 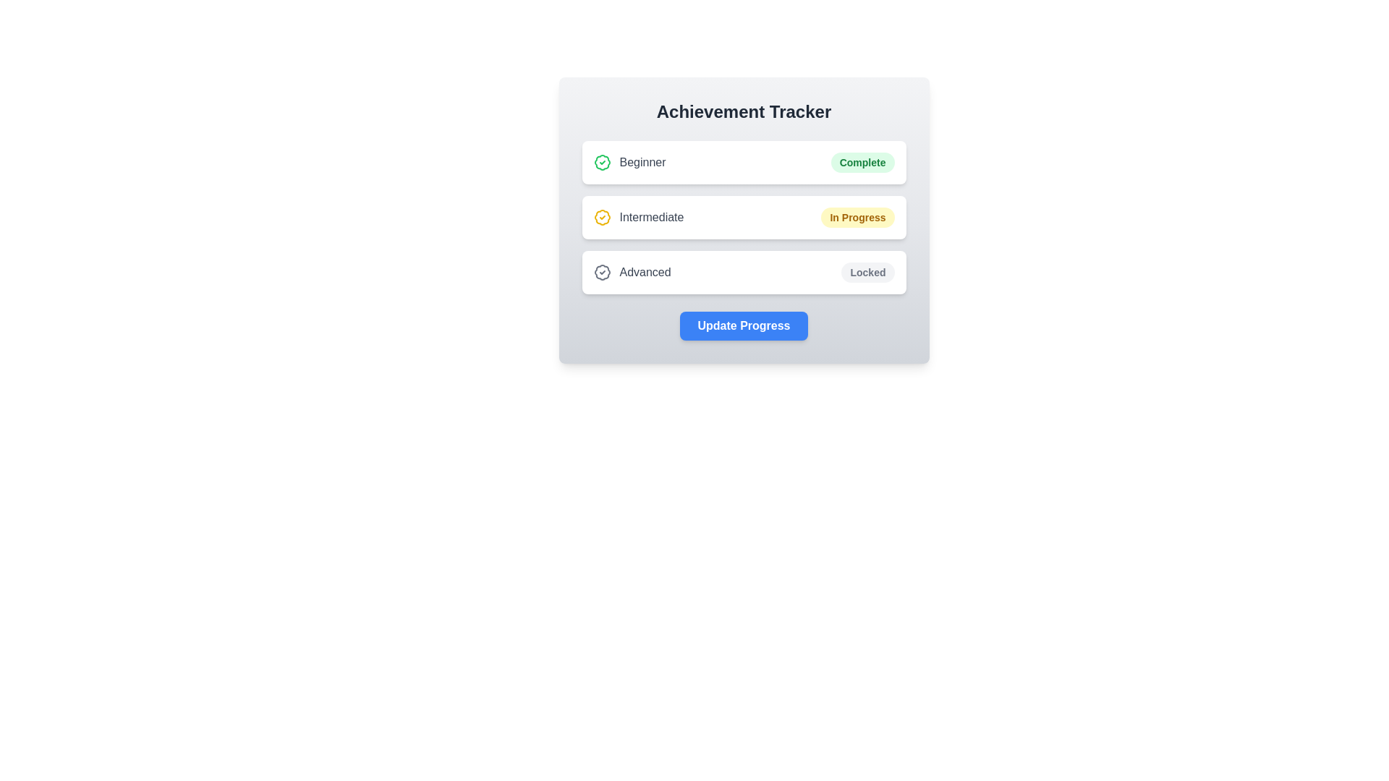 I want to click on the UI element that features a green checkmark icon and the label 'Beginner', located directly under the title 'Achievement Tracker', to highlight it, so click(x=629, y=162).